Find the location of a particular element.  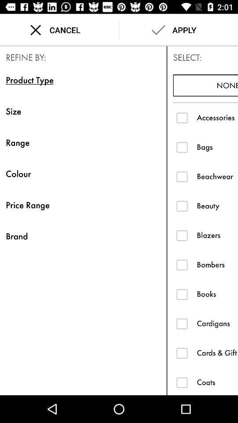

icon above coats item is located at coordinates (217, 353).